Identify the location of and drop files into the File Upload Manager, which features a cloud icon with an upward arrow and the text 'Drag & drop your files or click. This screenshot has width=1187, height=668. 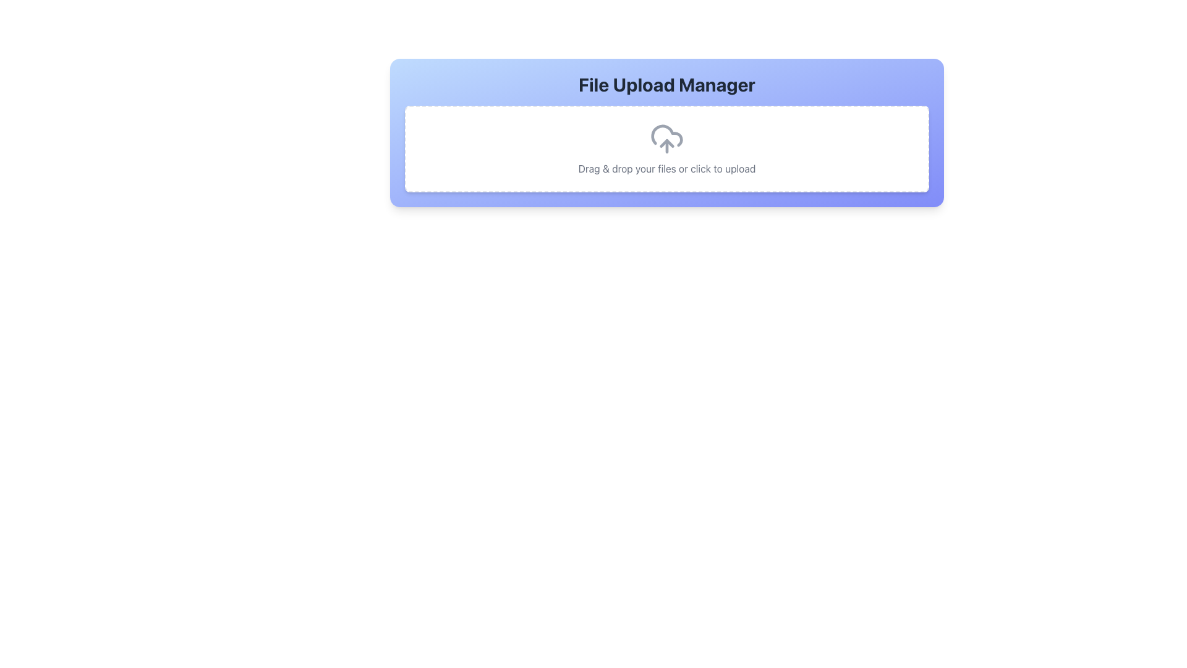
(666, 133).